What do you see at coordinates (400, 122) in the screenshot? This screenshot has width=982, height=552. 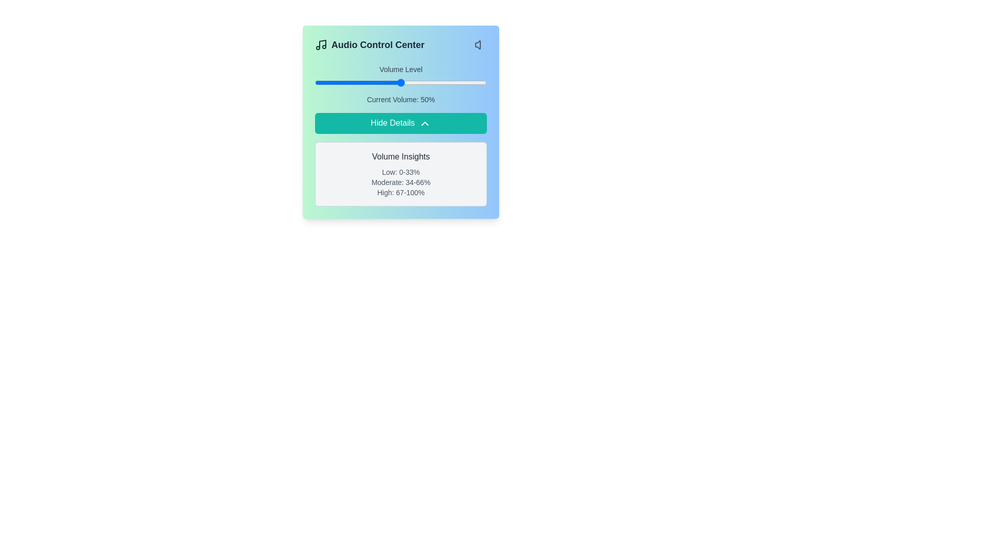 I see `the 'Hide Details' button to observe its hover effect` at bounding box center [400, 122].